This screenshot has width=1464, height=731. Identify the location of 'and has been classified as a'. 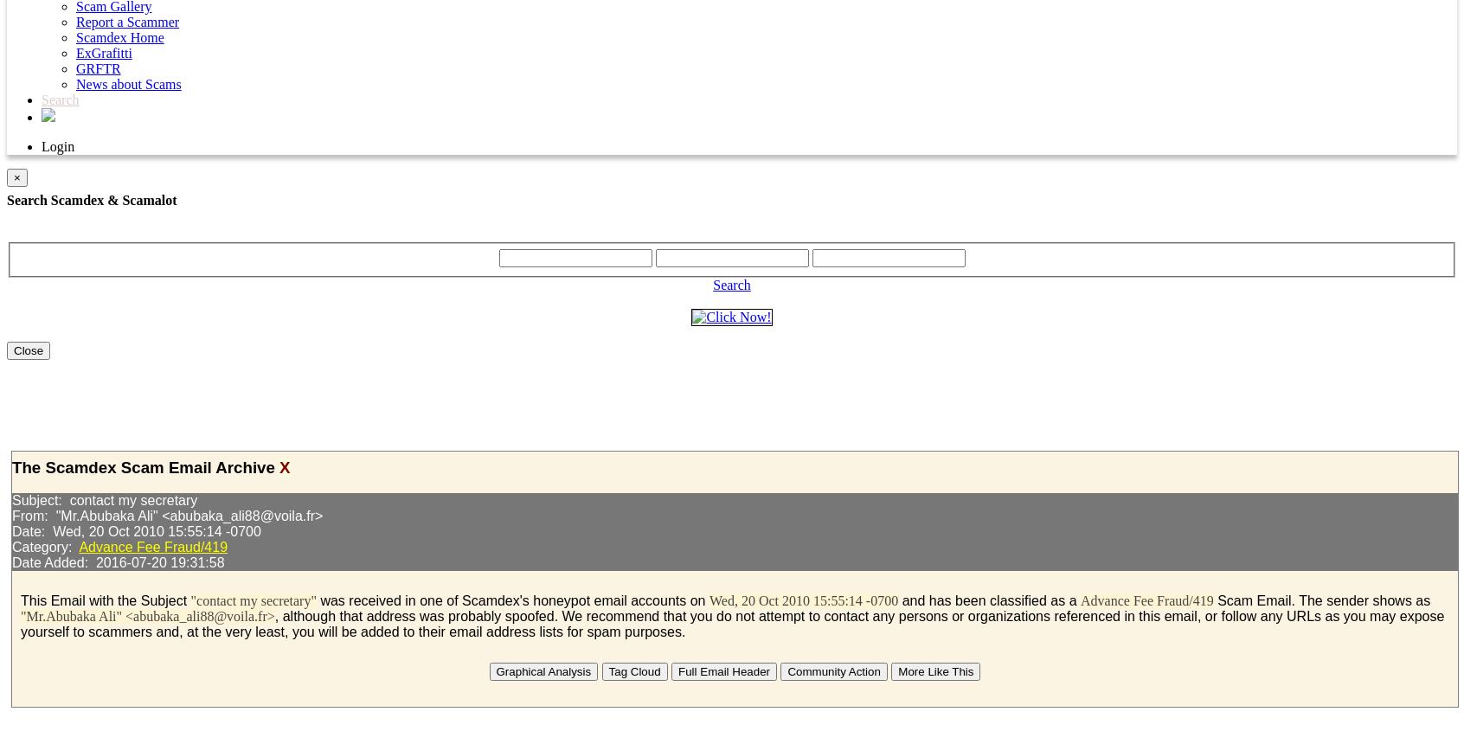
(988, 600).